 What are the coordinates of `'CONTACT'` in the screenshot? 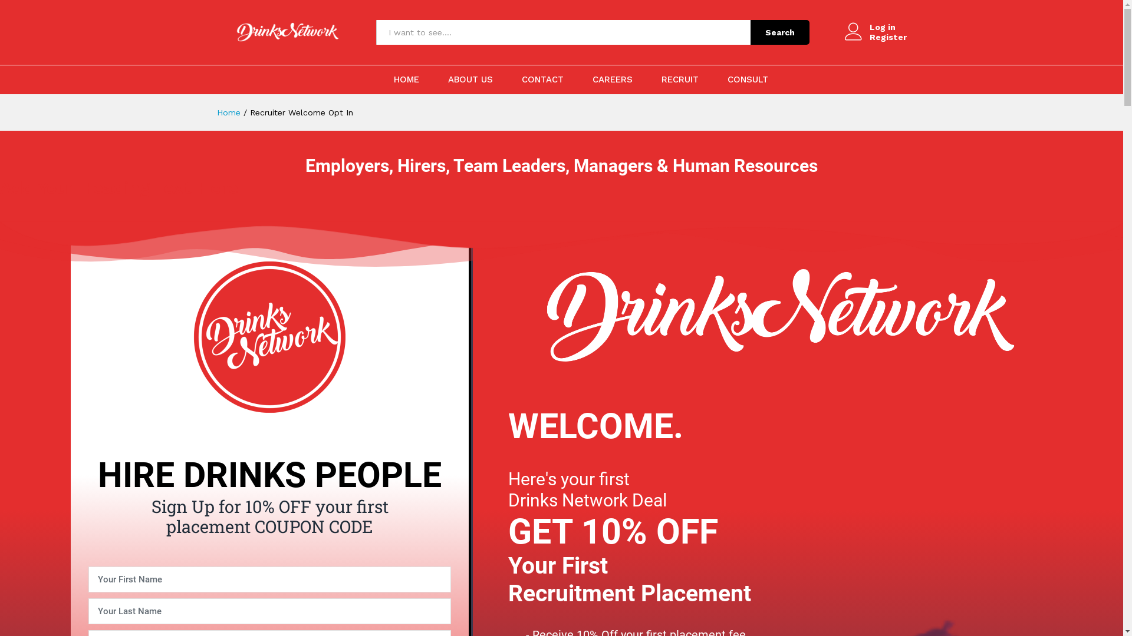 It's located at (520, 79).